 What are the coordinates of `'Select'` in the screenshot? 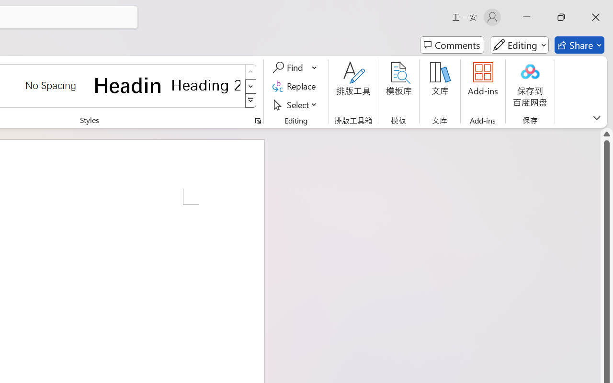 It's located at (295, 104).